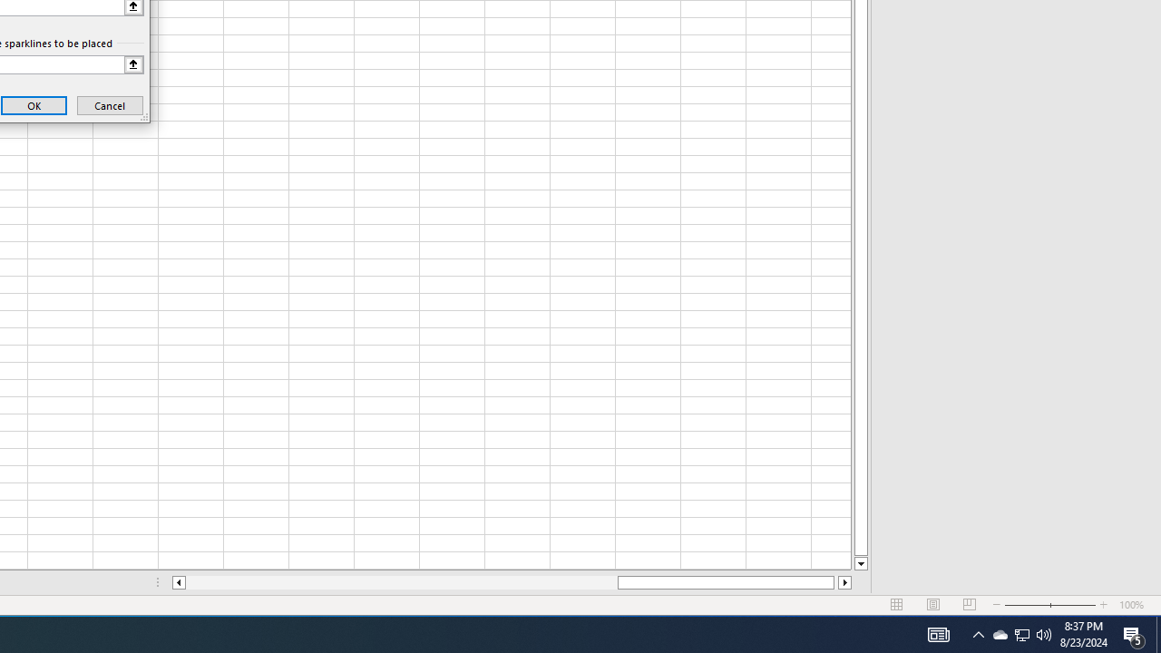 Image resolution: width=1161 pixels, height=653 pixels. I want to click on 'AutomationID: 4105', so click(938, 633).